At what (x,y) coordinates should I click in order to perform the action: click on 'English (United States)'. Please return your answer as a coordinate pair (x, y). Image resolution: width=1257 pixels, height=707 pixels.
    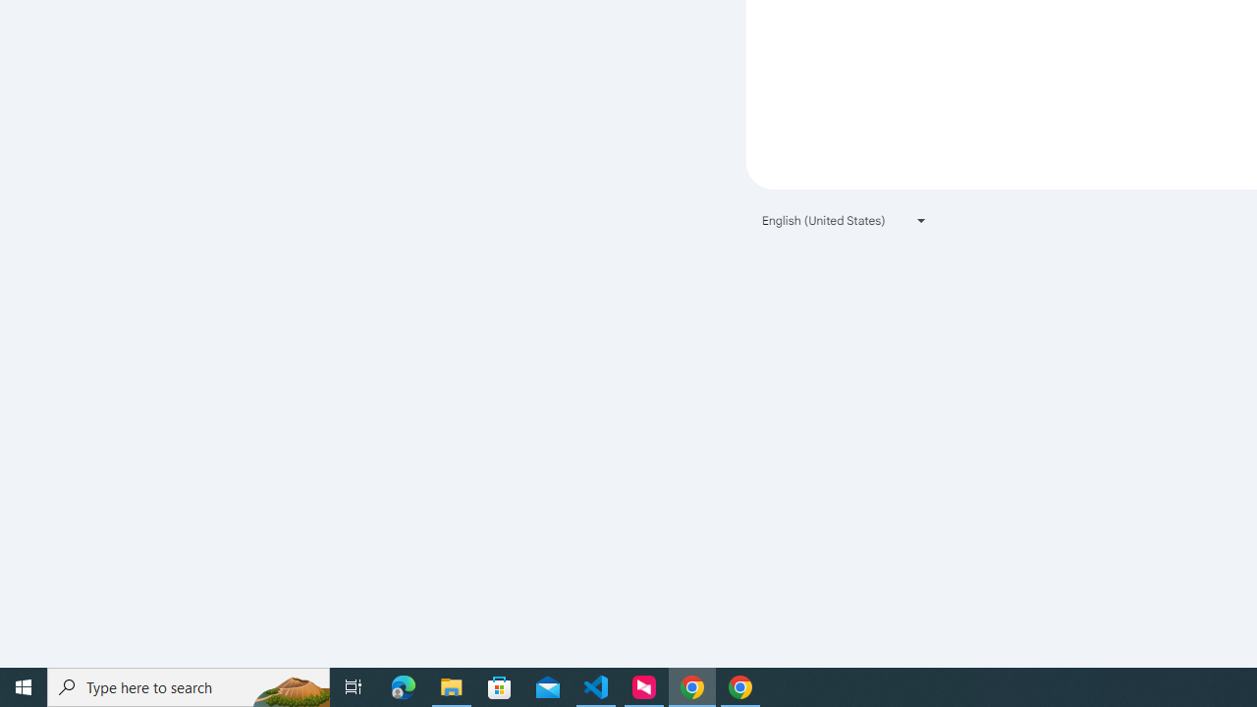
    Looking at the image, I should click on (845, 220).